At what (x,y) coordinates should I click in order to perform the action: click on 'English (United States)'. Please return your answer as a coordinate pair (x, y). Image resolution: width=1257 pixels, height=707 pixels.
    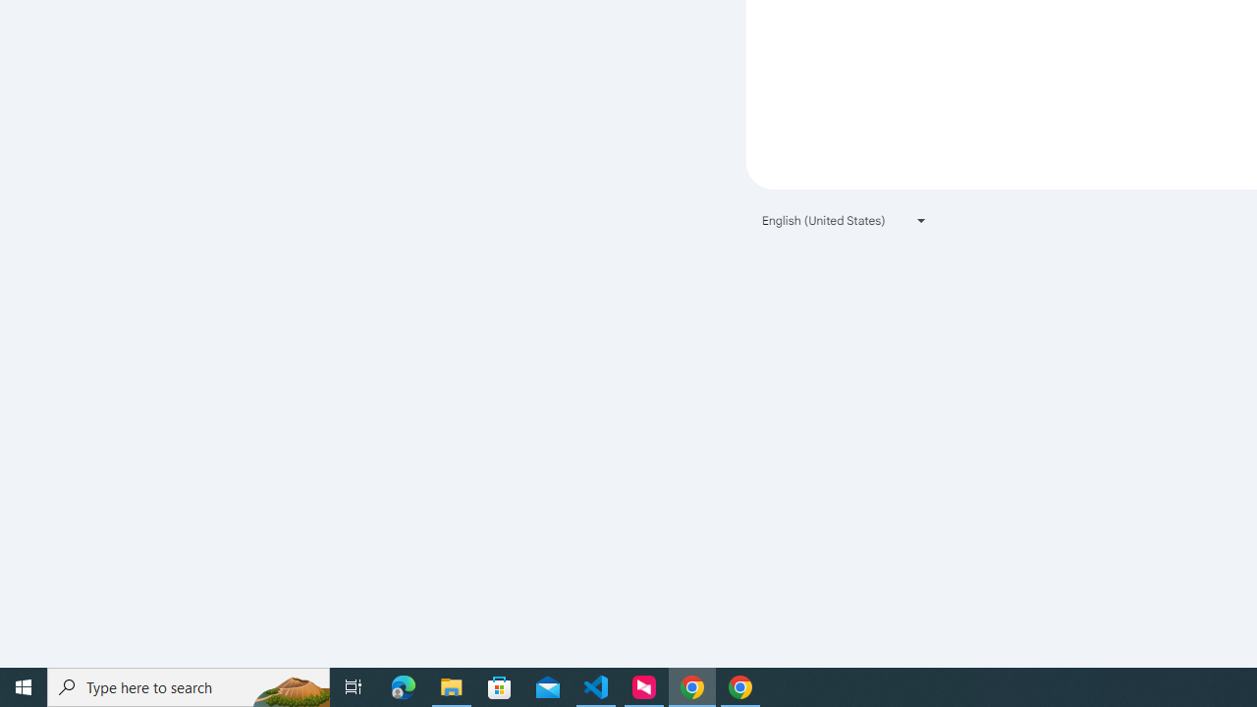
    Looking at the image, I should click on (845, 220).